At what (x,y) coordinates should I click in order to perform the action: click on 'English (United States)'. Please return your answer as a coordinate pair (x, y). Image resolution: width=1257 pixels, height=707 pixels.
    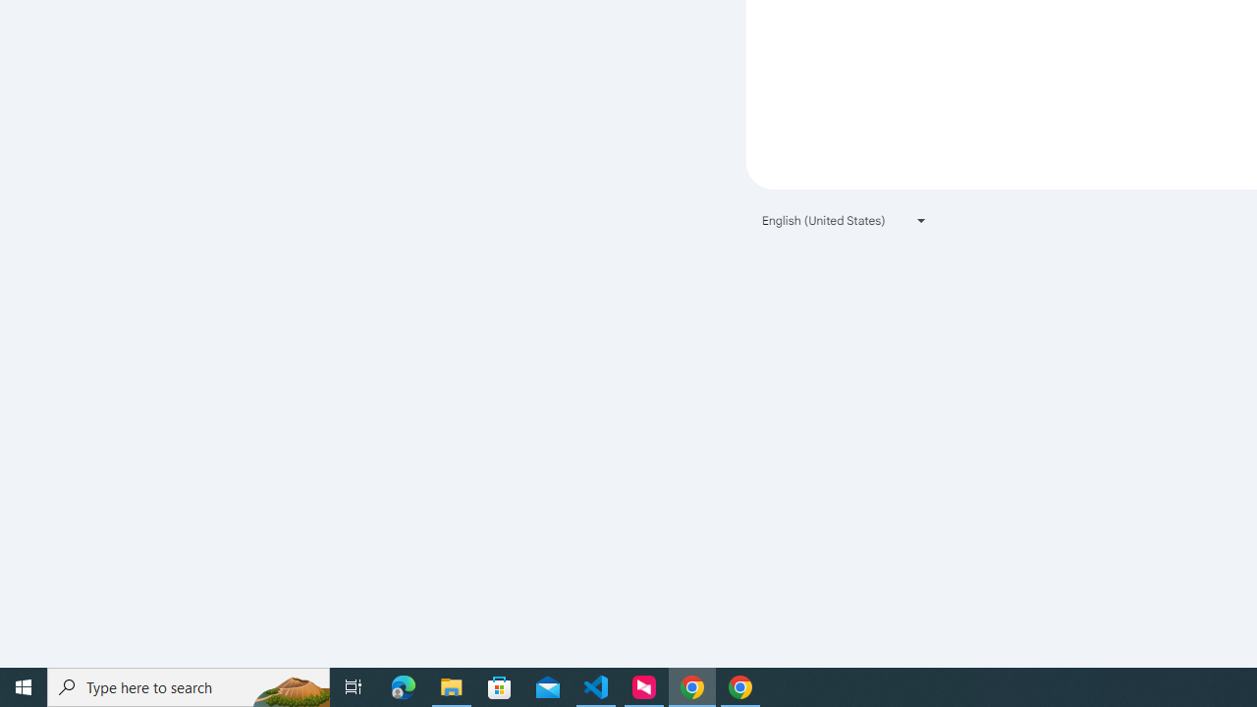
    Looking at the image, I should click on (845, 220).